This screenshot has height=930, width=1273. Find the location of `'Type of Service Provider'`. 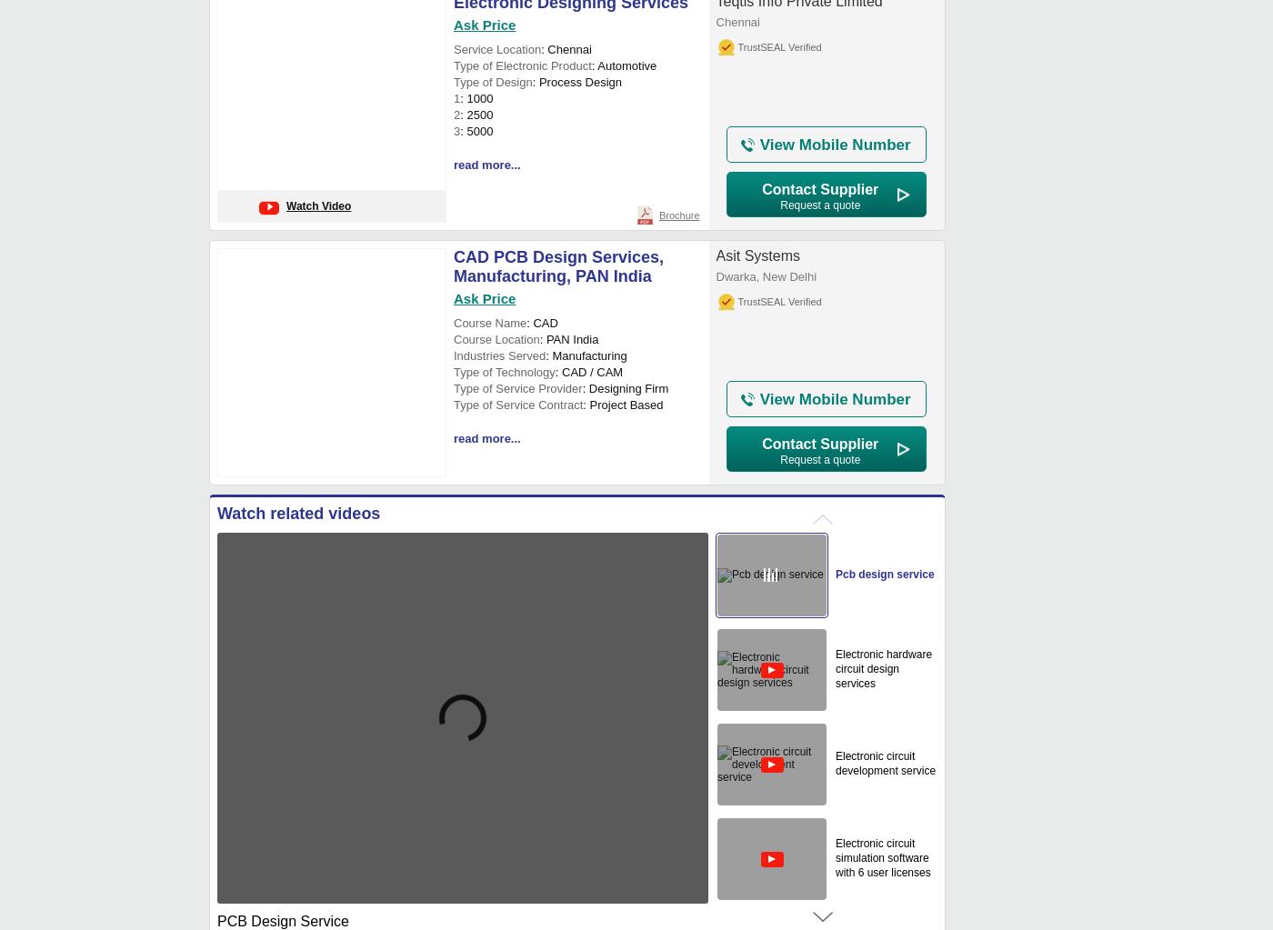

'Type of Service Provider' is located at coordinates (517, 388).